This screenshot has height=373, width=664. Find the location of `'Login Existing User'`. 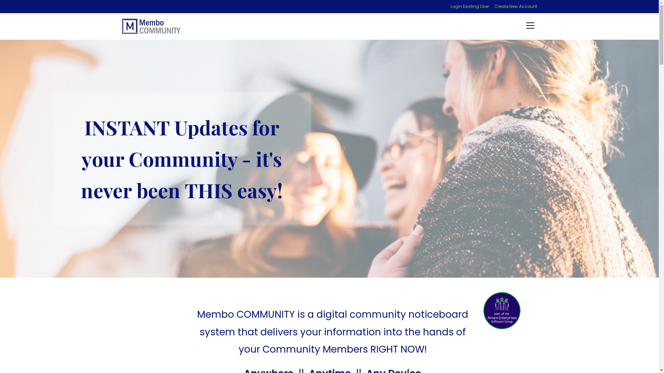

'Login Existing User' is located at coordinates (469, 7).